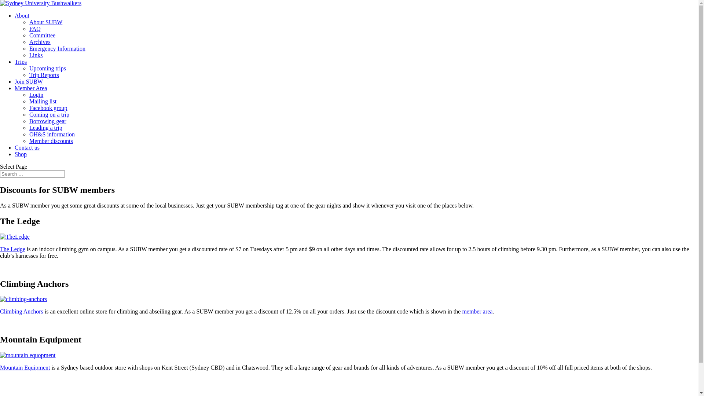 The width and height of the screenshot is (704, 396). Describe the element at coordinates (44, 75) in the screenshot. I see `'Trip Reports'` at that location.